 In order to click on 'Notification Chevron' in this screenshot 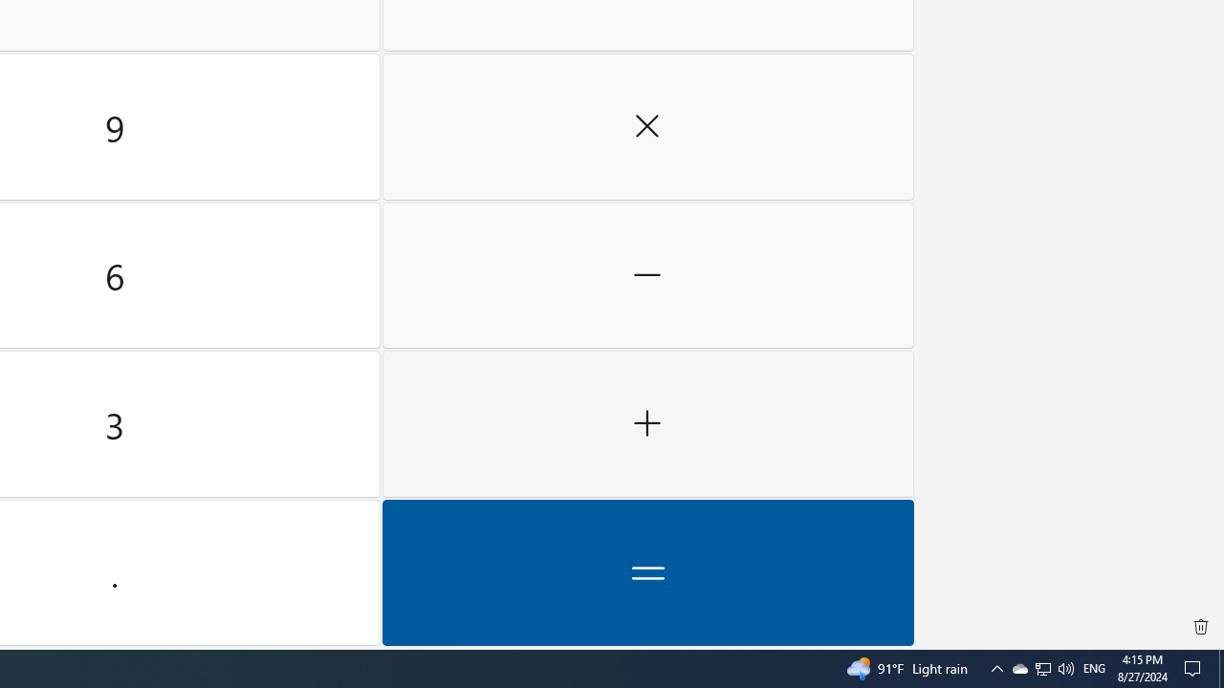, I will do `click(1042, 667)`.